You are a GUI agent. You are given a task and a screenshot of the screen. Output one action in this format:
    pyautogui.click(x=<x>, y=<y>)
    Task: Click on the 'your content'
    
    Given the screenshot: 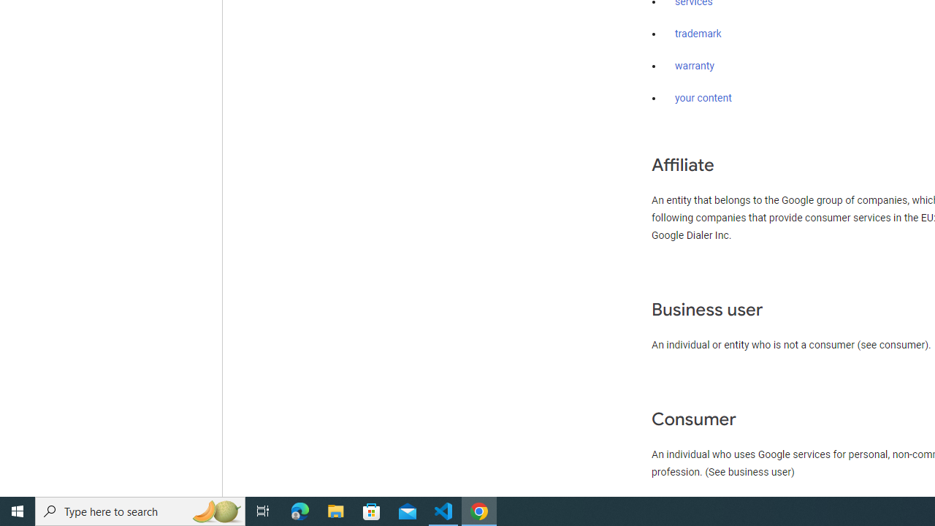 What is the action you would take?
    pyautogui.click(x=703, y=99)
    